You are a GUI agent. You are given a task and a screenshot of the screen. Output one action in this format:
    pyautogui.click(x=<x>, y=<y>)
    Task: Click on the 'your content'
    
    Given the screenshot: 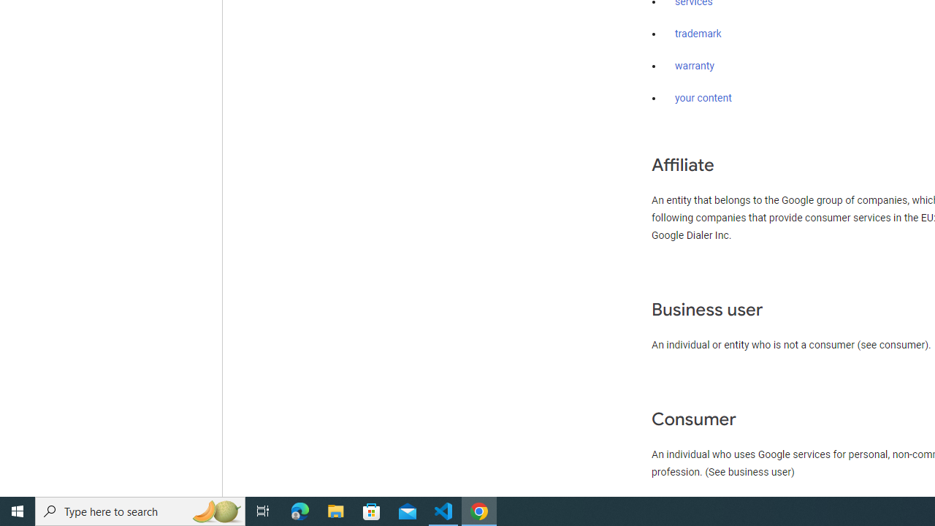 What is the action you would take?
    pyautogui.click(x=703, y=99)
    